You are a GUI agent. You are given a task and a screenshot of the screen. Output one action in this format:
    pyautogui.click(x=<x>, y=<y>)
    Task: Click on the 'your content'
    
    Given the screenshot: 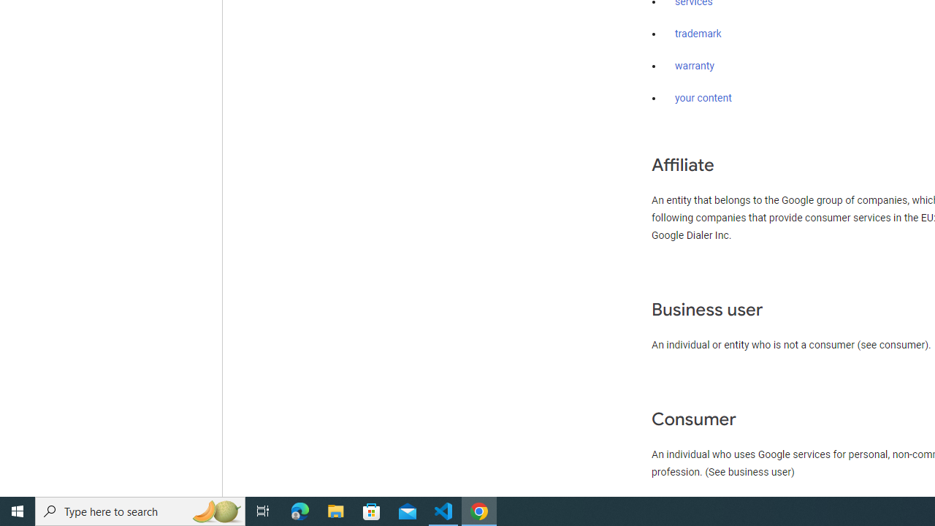 What is the action you would take?
    pyautogui.click(x=703, y=99)
    